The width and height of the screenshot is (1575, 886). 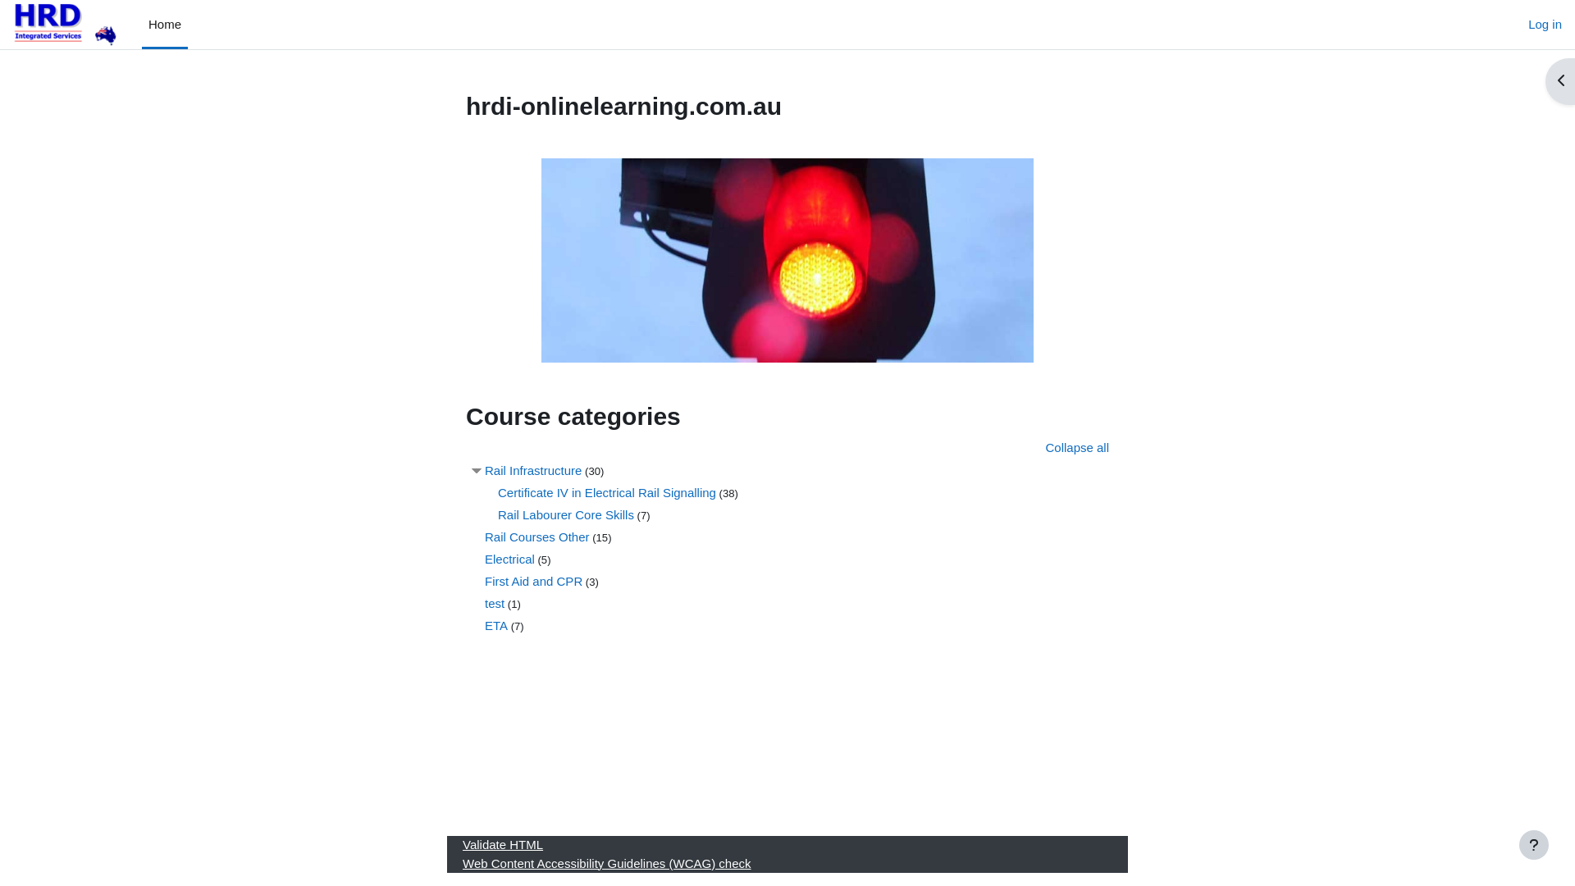 What do you see at coordinates (165, 25) in the screenshot?
I see `'Home'` at bounding box center [165, 25].